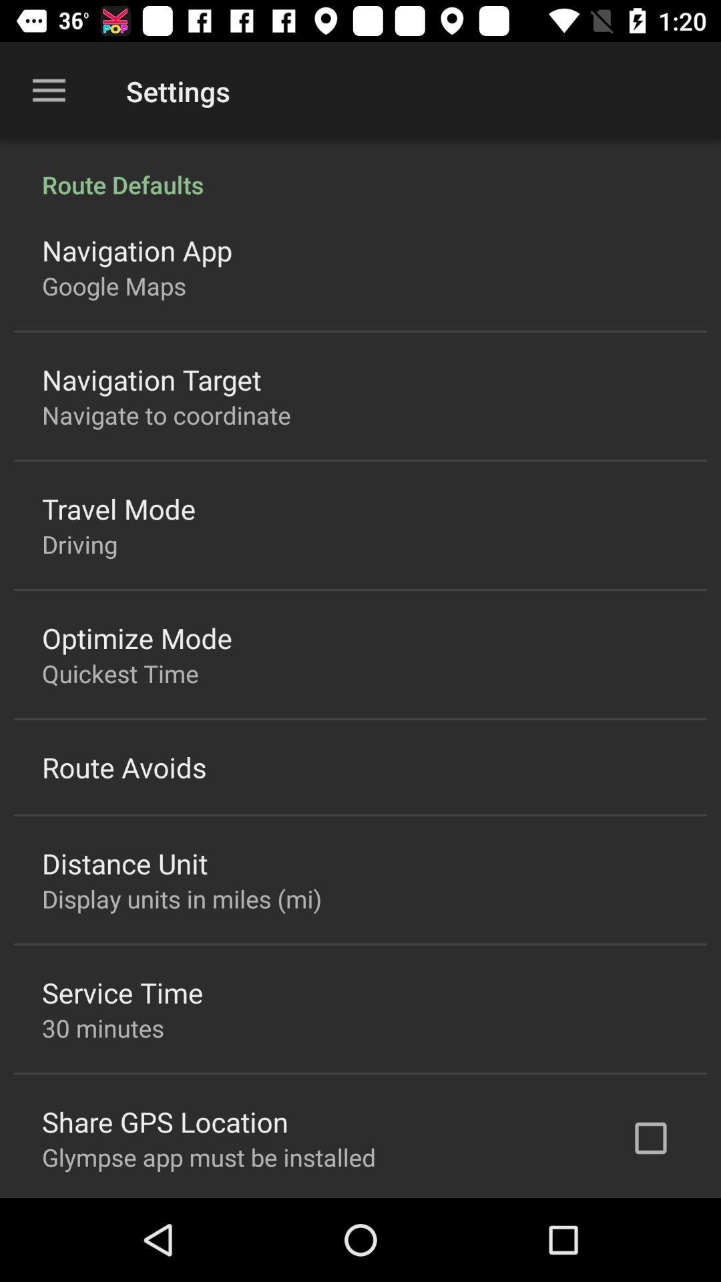 This screenshot has width=721, height=1282. What do you see at coordinates (182, 899) in the screenshot?
I see `the item below distance unit item` at bounding box center [182, 899].